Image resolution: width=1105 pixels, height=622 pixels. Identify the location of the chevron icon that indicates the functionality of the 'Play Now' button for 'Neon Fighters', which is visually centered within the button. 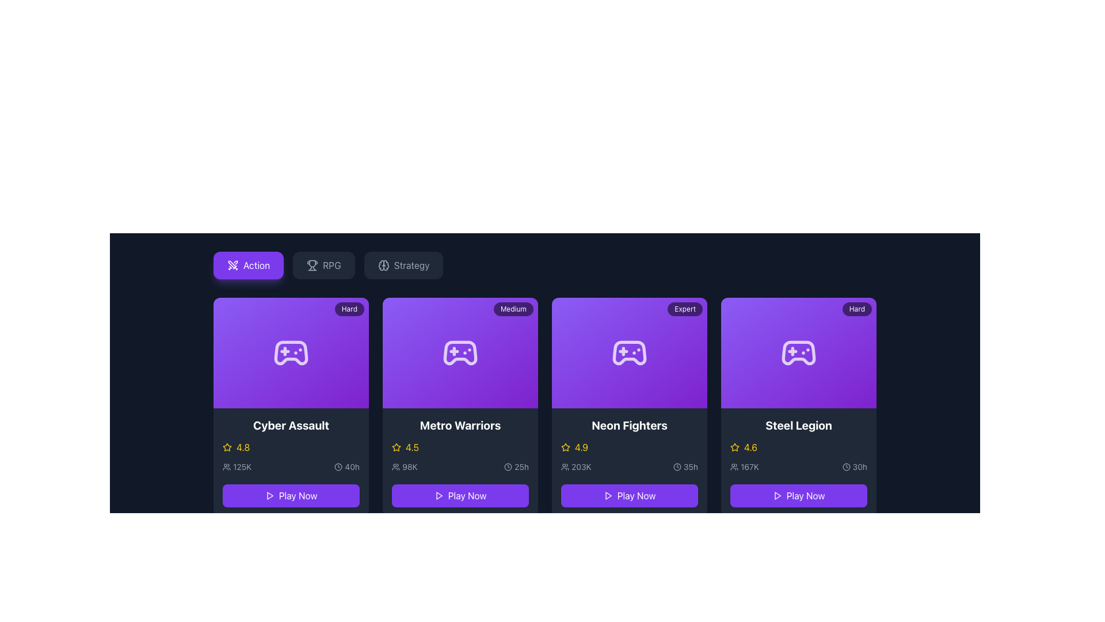
(607, 495).